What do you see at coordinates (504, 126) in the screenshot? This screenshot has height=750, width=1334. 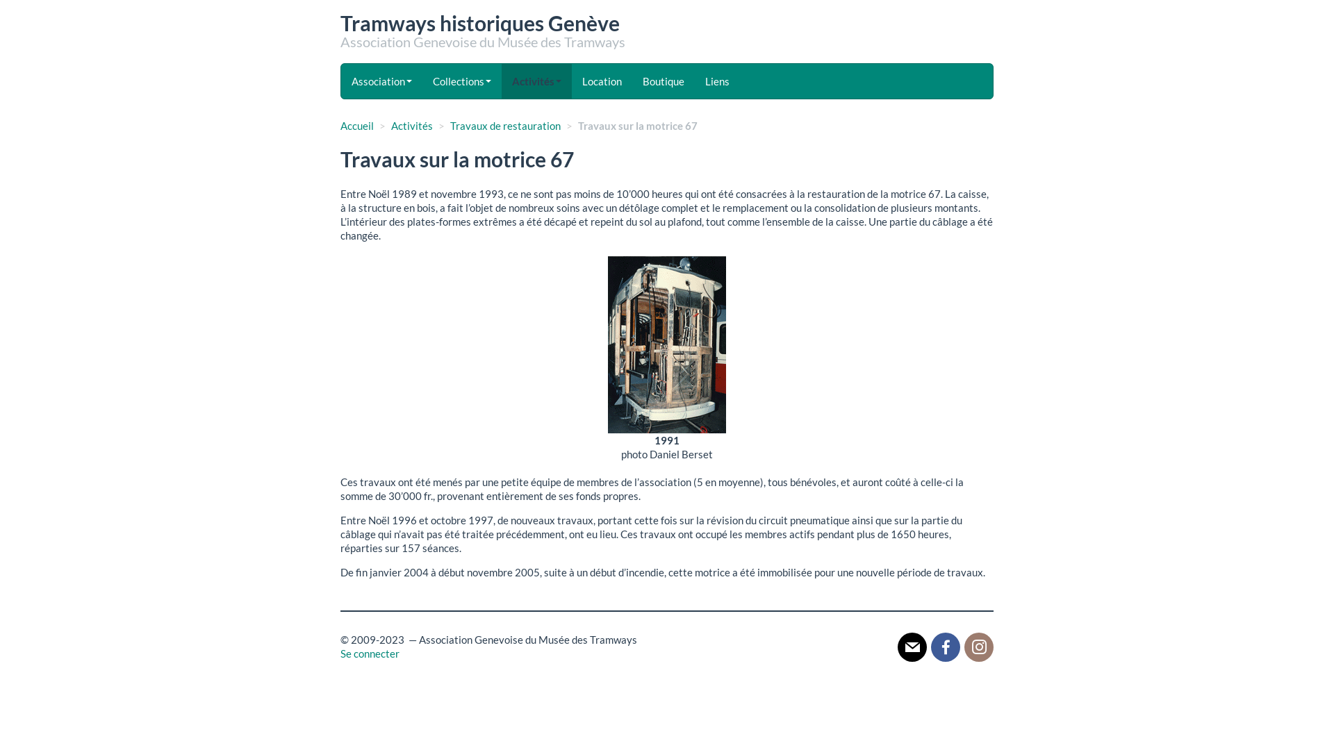 I see `'Travaux de restauration'` at bounding box center [504, 126].